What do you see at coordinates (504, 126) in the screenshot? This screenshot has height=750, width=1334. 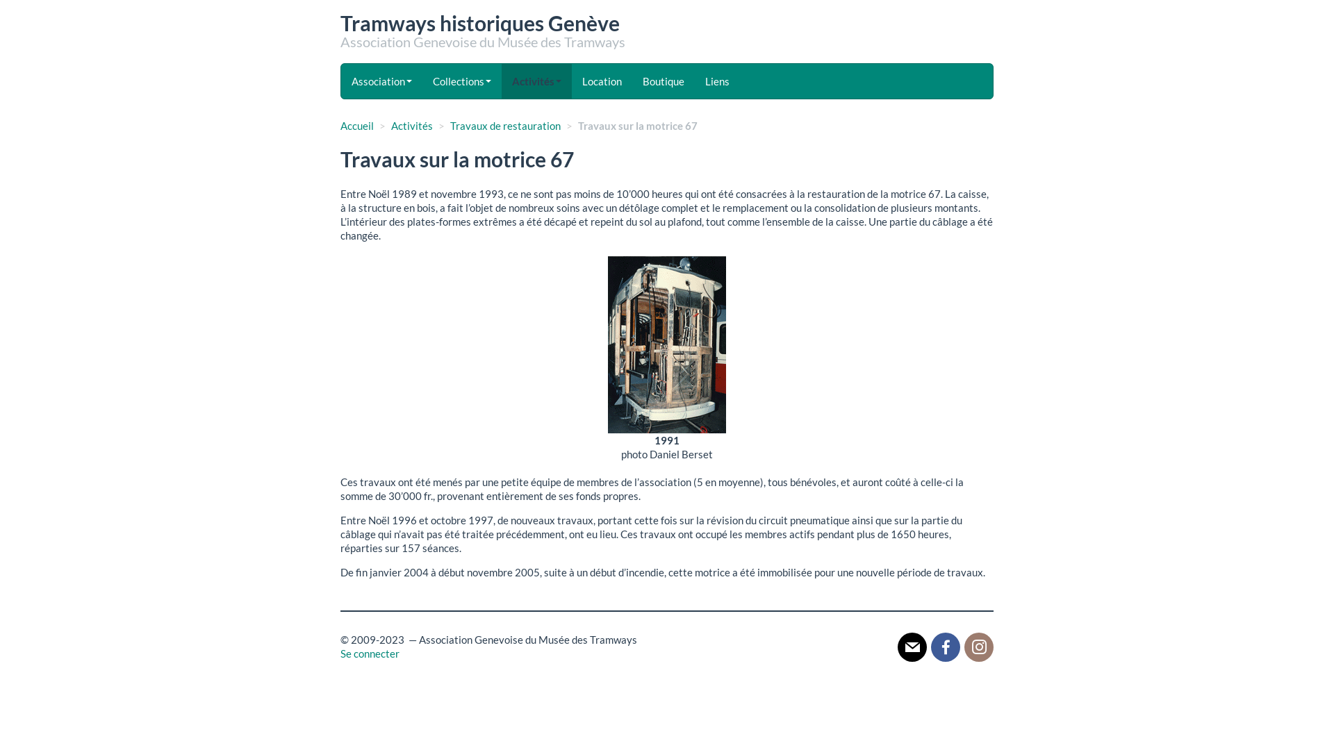 I see `'Travaux de restauration'` at bounding box center [504, 126].